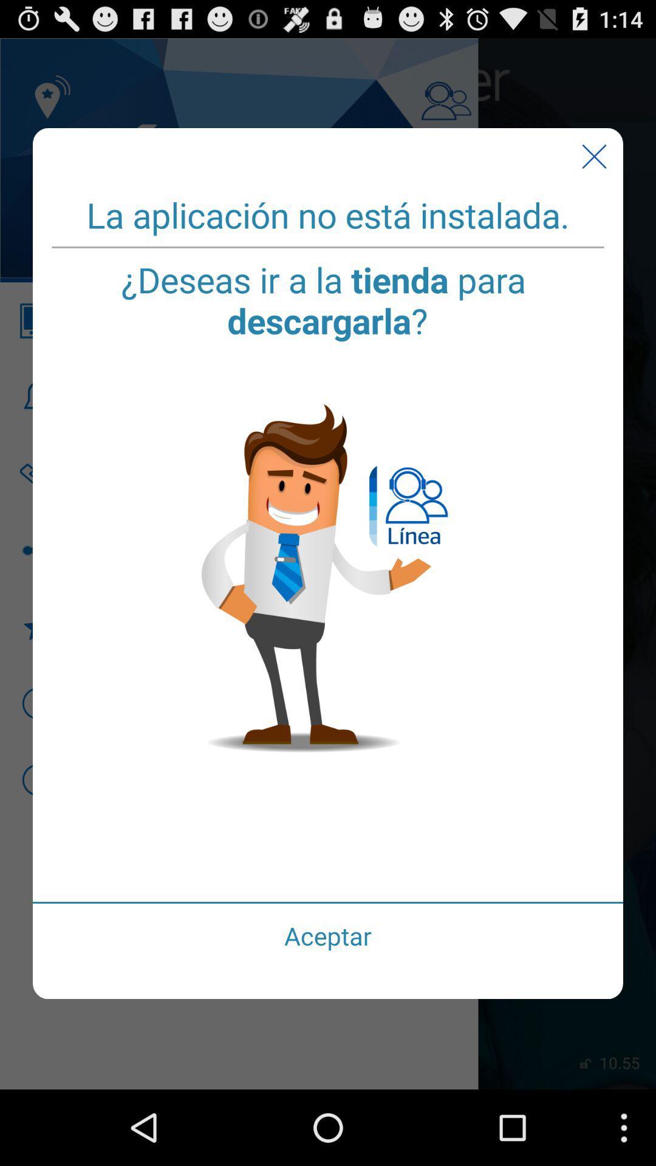 The image size is (656, 1166). Describe the element at coordinates (593, 156) in the screenshot. I see `pop up` at that location.